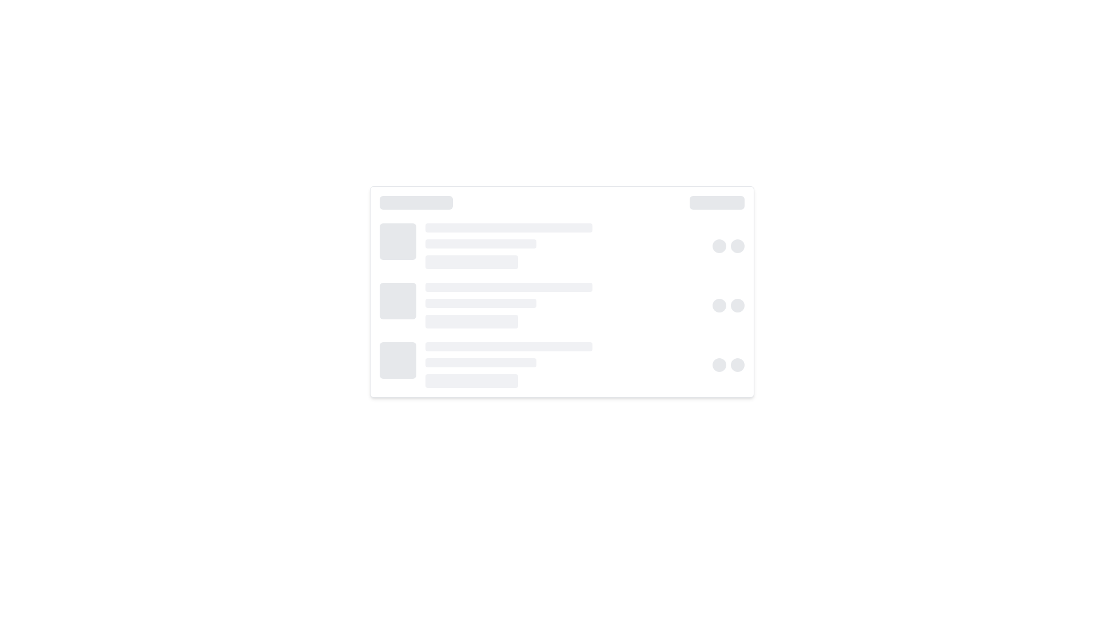  Describe the element at coordinates (562, 305) in the screenshot. I see `the Skeleton placeholder component that appears as a group of placeholders with a square block on the left, three horizontal lines on the right, and two circular shapes at the far right` at that location.